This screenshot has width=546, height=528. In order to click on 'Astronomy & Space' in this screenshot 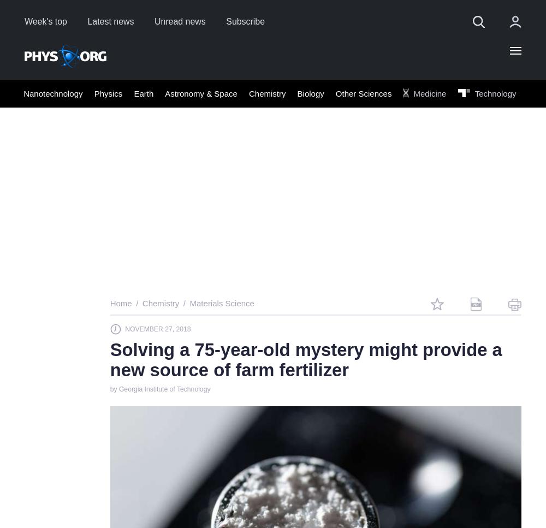, I will do `click(200, 93)`.